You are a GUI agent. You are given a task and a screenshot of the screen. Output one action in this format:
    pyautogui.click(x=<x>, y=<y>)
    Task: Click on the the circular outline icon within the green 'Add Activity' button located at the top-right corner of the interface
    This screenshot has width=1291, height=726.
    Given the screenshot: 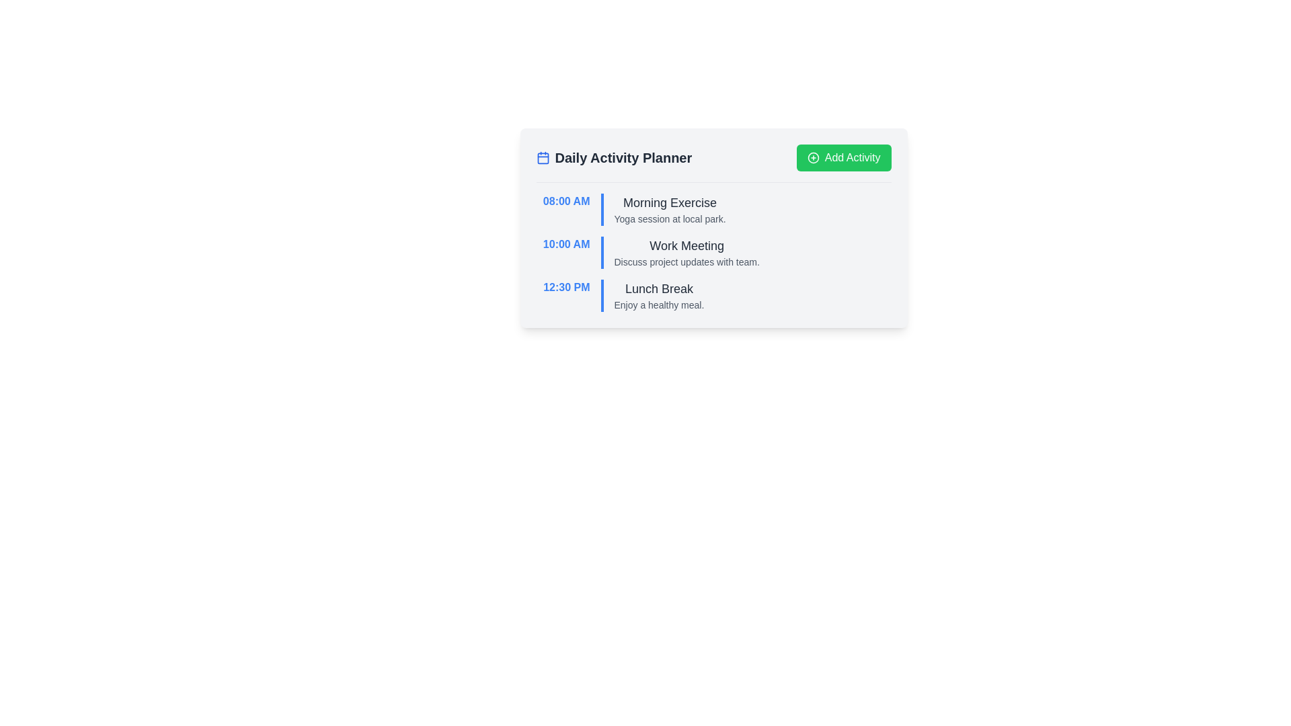 What is the action you would take?
    pyautogui.click(x=812, y=157)
    